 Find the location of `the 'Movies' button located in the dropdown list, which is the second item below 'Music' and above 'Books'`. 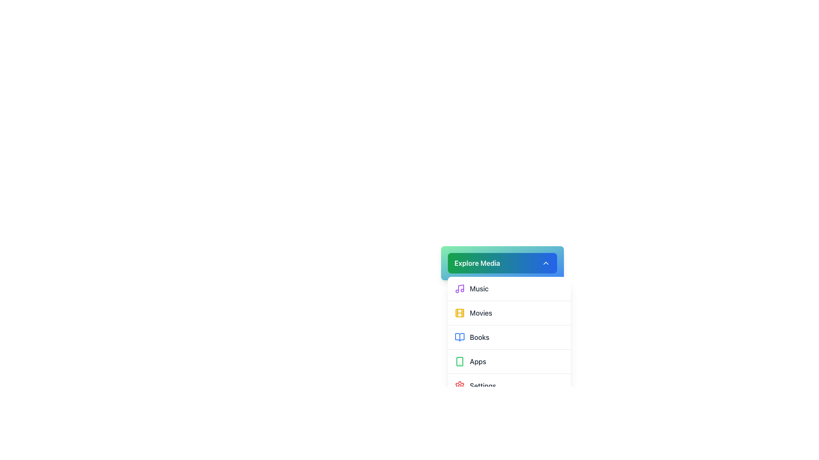

the 'Movies' button located in the dropdown list, which is the second item below 'Music' and above 'Books' is located at coordinates (502, 304).